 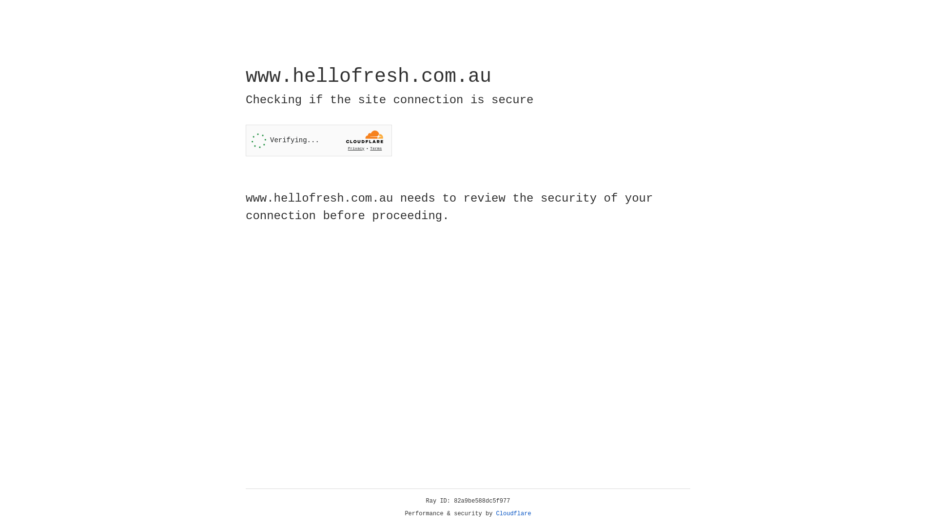 What do you see at coordinates (513, 513) in the screenshot?
I see `'Cloudflare'` at bounding box center [513, 513].